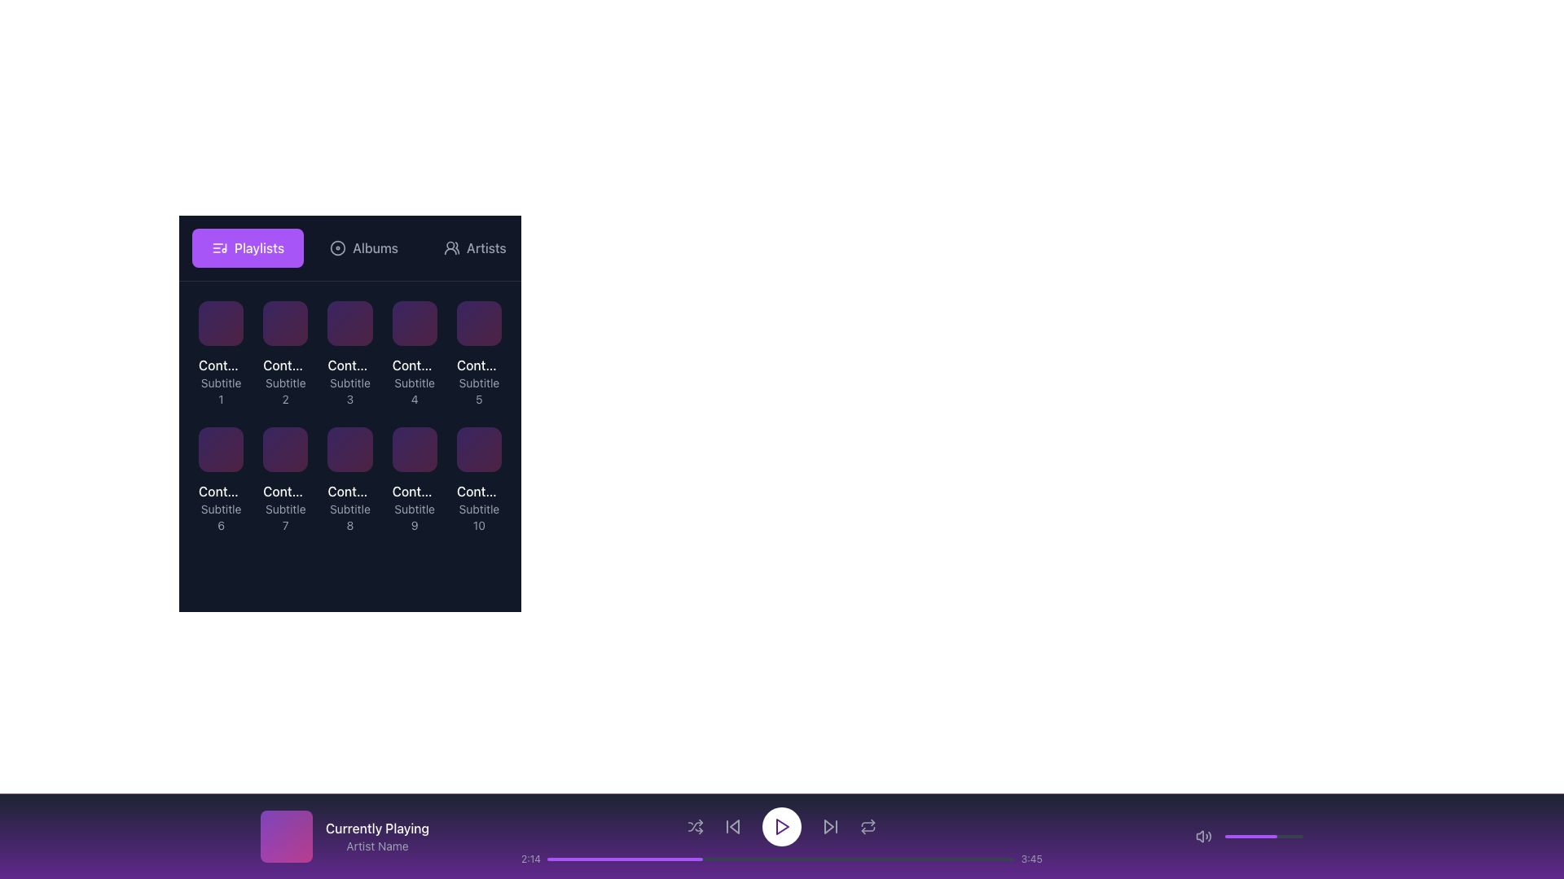 The height and width of the screenshot is (879, 1564). I want to click on the text label displaying 'Content Title 5' located in the fifth column of the first row within the grid of cards under the 'Playlists' tab, so click(478, 365).